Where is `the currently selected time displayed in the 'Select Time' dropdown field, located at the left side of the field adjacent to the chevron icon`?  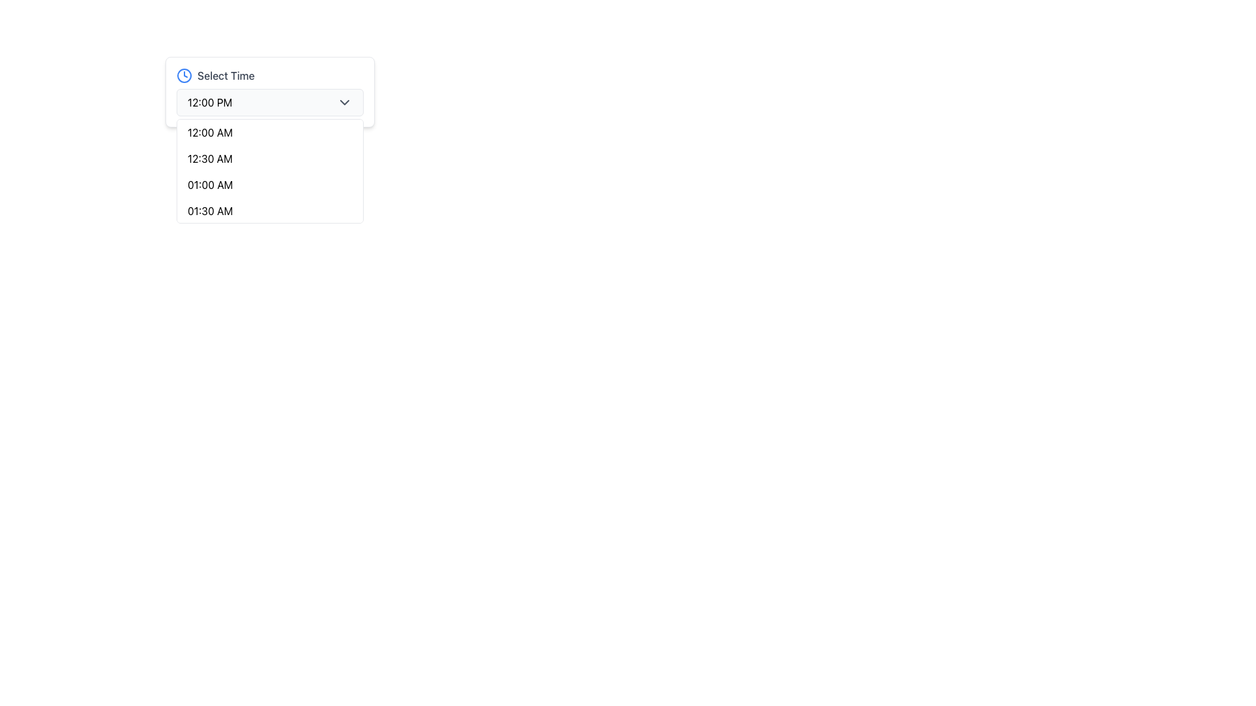 the currently selected time displayed in the 'Select Time' dropdown field, located at the left side of the field adjacent to the chevron icon is located at coordinates (210, 102).